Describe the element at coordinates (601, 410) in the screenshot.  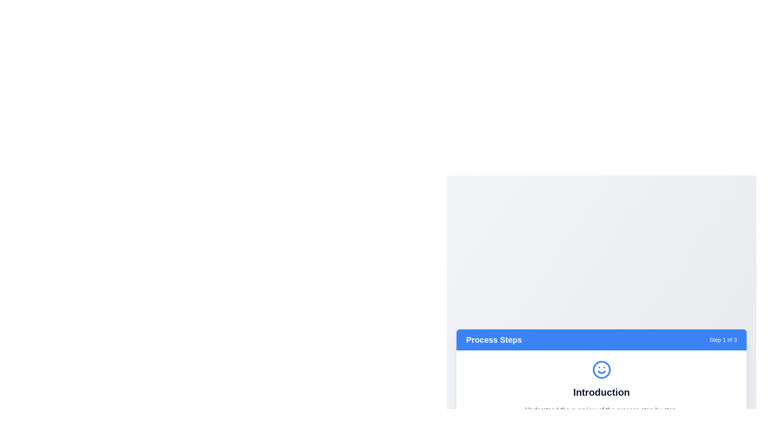
I see `the Text block located in the 'Introduction' section, positioned below the heading 'Introduction' and above the progress bar` at that location.